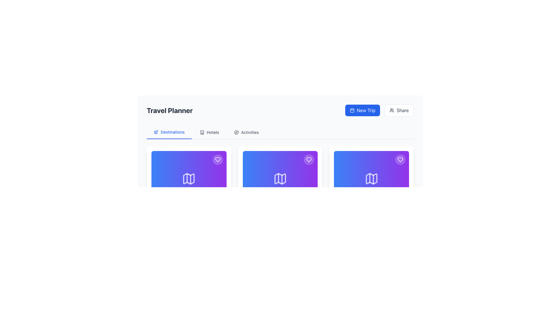 The height and width of the screenshot is (313, 557). Describe the element at coordinates (217, 160) in the screenshot. I see `the 'like' or 'favorite' icon located in the top-right corner of the third card from the left in the 'Destinations' section` at that location.